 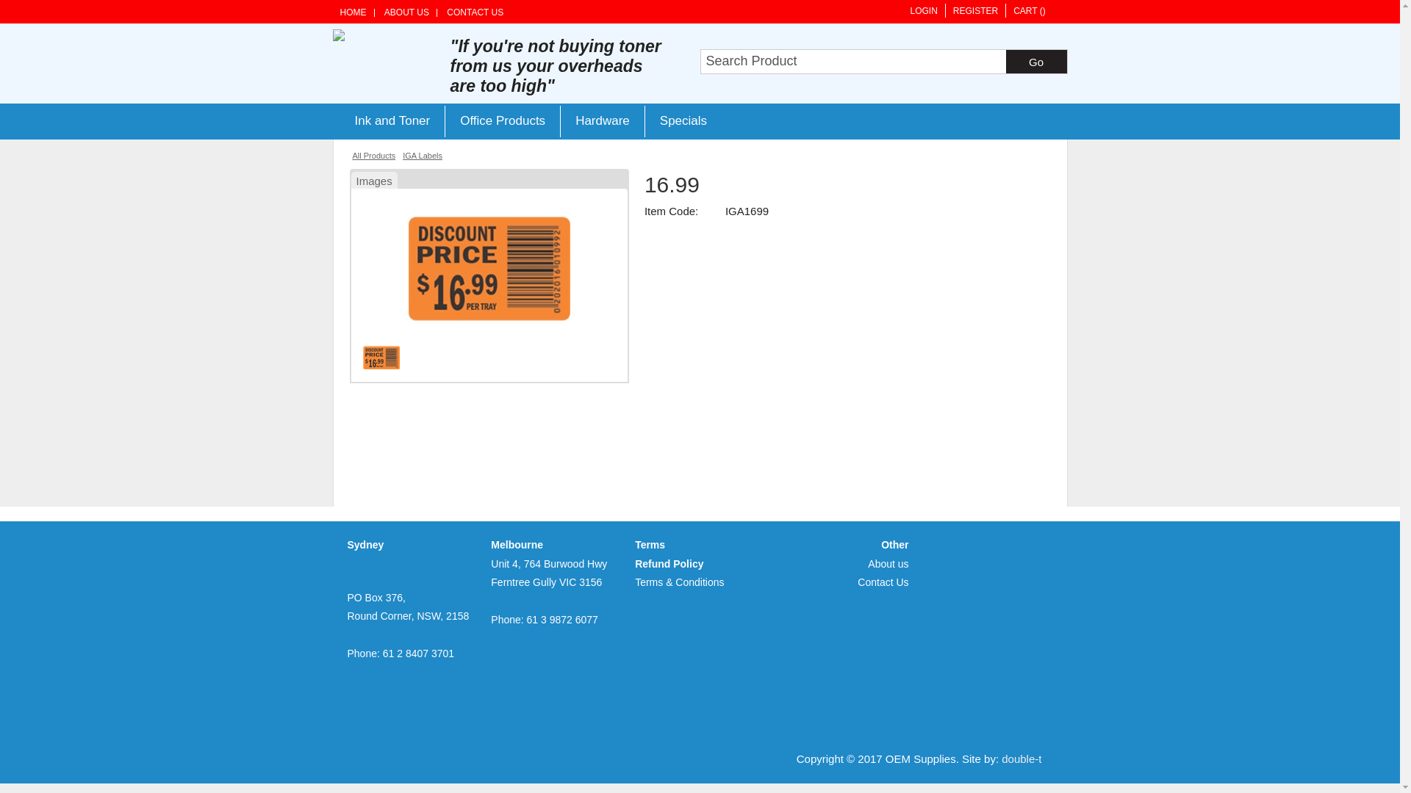 I want to click on 'Go', so click(x=1035, y=61).